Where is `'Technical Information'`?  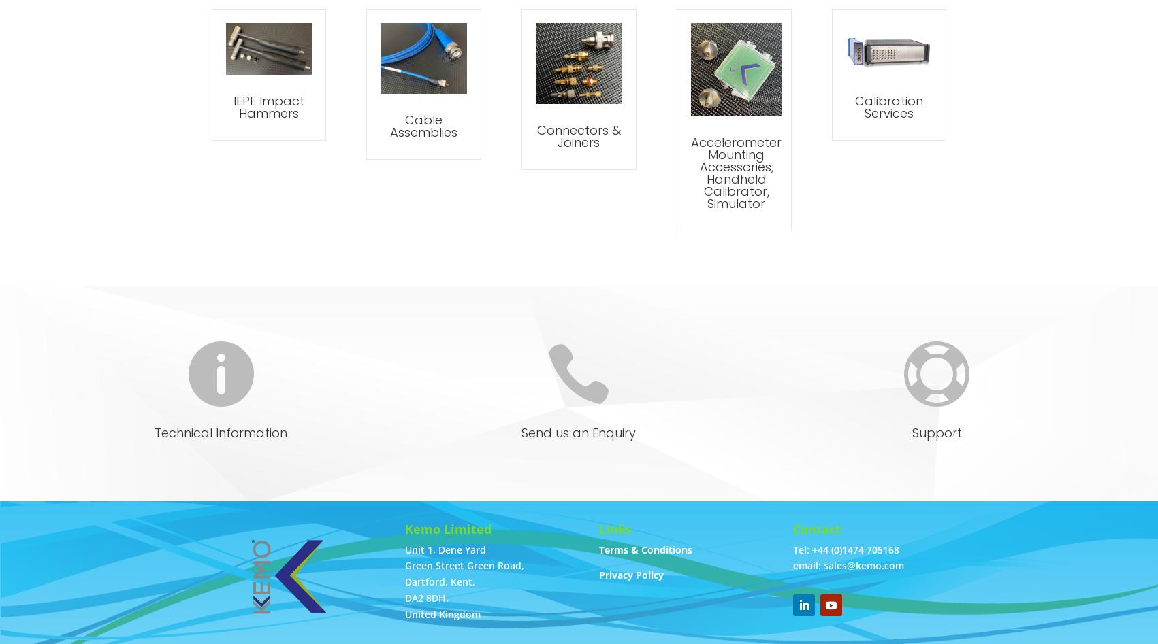
'Technical Information' is located at coordinates (154, 432).